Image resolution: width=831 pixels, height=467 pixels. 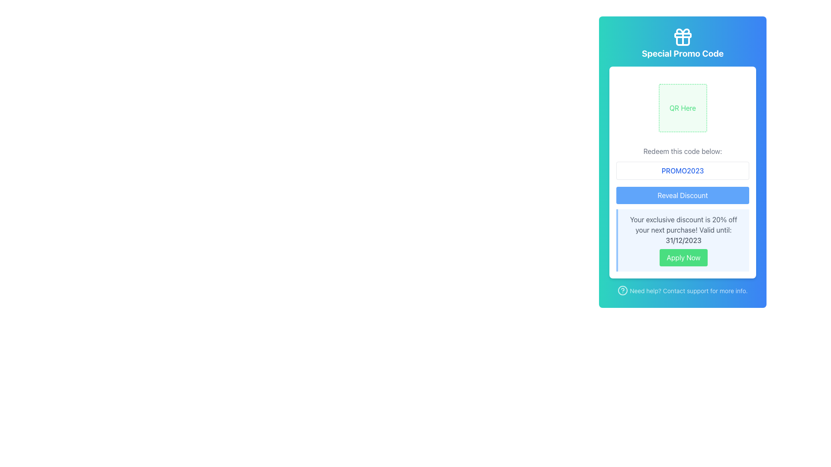 What do you see at coordinates (682, 240) in the screenshot?
I see `the button within the Promotional Message Box that displays a discount and its validity date, located above the 'Apply Now' button` at bounding box center [682, 240].